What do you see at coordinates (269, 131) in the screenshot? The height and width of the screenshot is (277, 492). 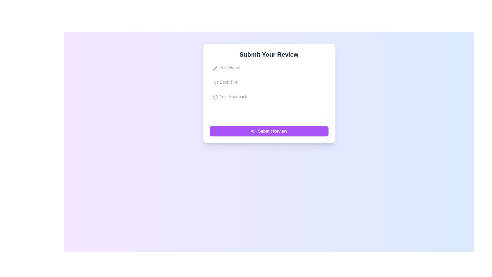 I see `the purple 'Submit Review' button with a paper plane icon` at bounding box center [269, 131].